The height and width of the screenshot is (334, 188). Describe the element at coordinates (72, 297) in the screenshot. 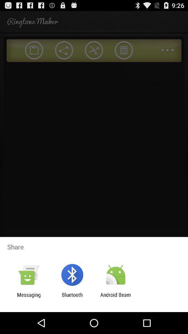

I see `item next to the android beam app` at that location.